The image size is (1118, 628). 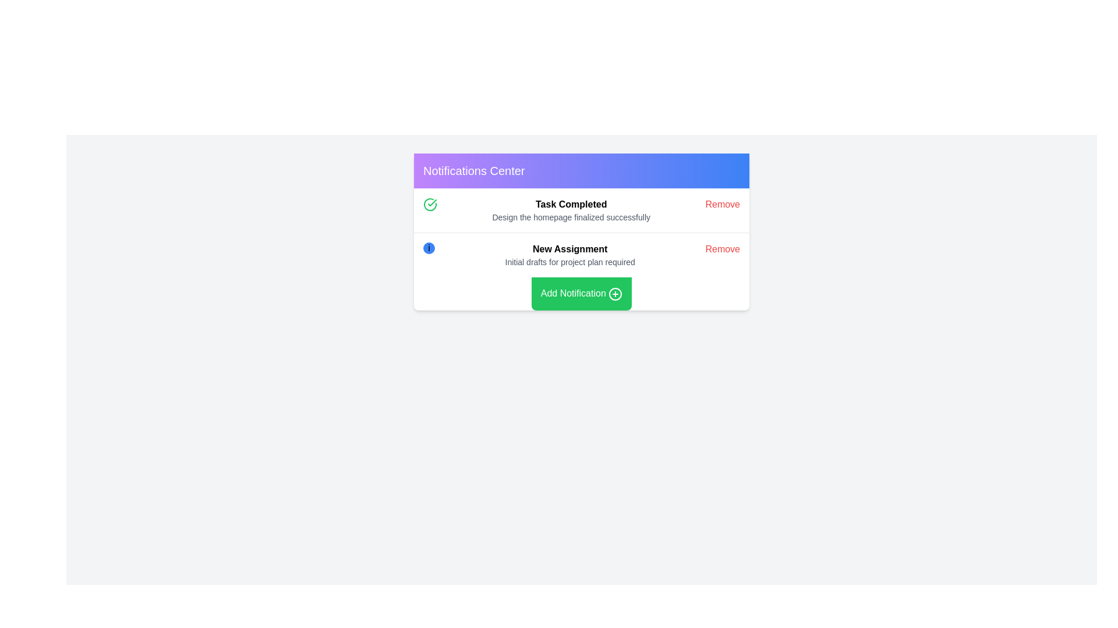 I want to click on the 'Add Notification' button within the Notifications Center card, which is styled with a white background and contains various sections with interactive elements, so click(x=581, y=231).